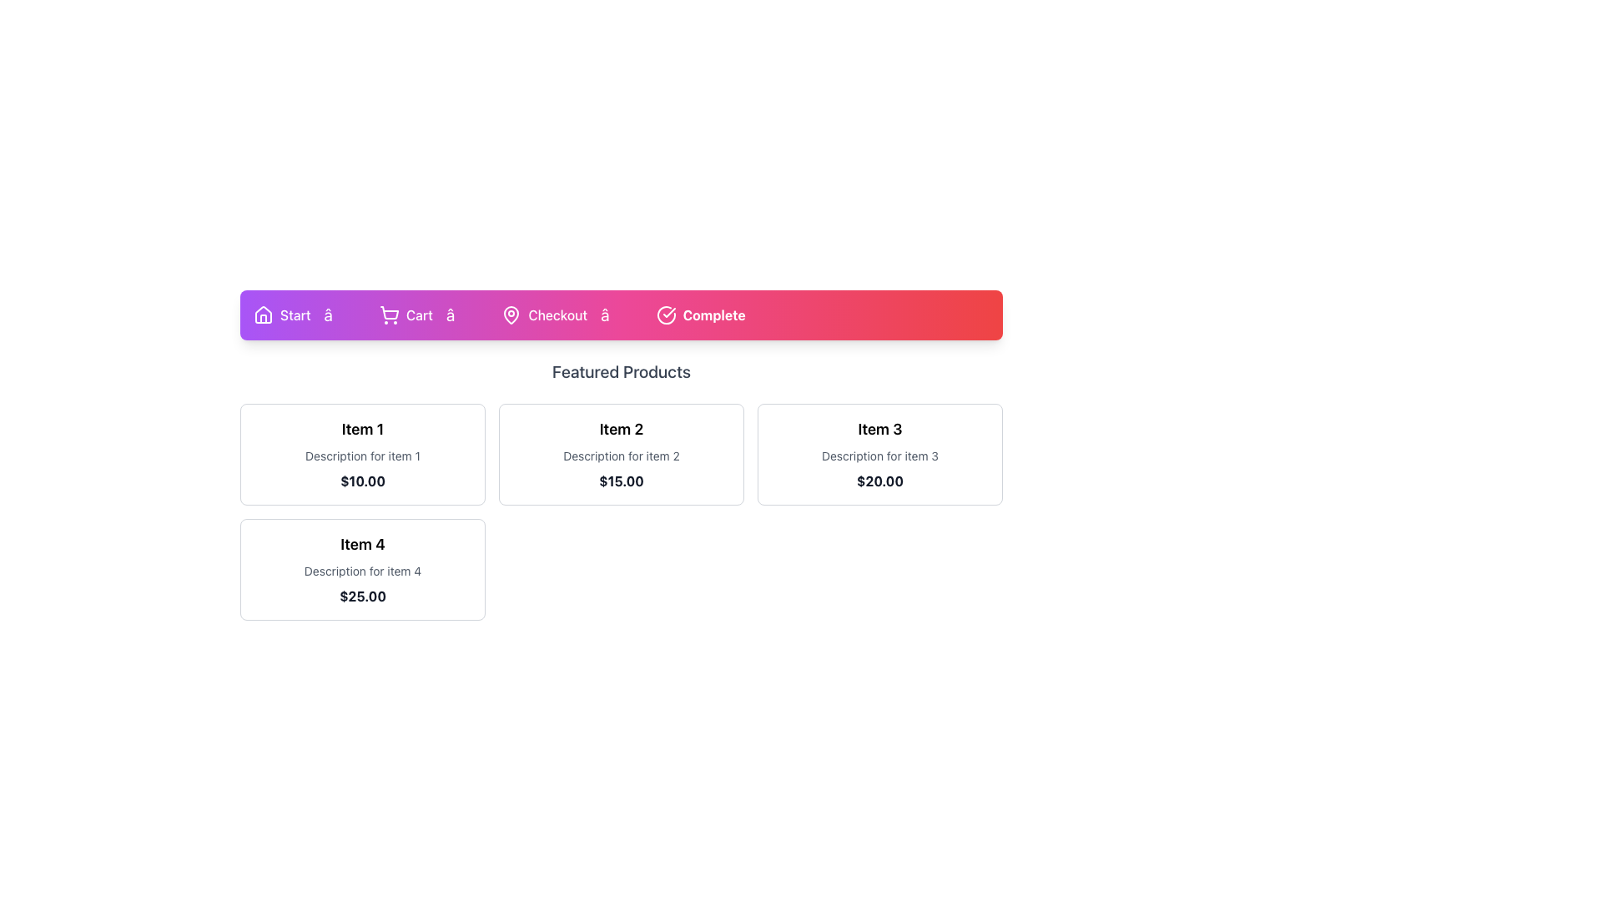 This screenshot has width=1602, height=901. I want to click on the Process Indicator, which is a rectangular component with a gradient background and labeled steps ('Start', 'Cart', 'Checkout', 'Complete'), so click(620, 315).